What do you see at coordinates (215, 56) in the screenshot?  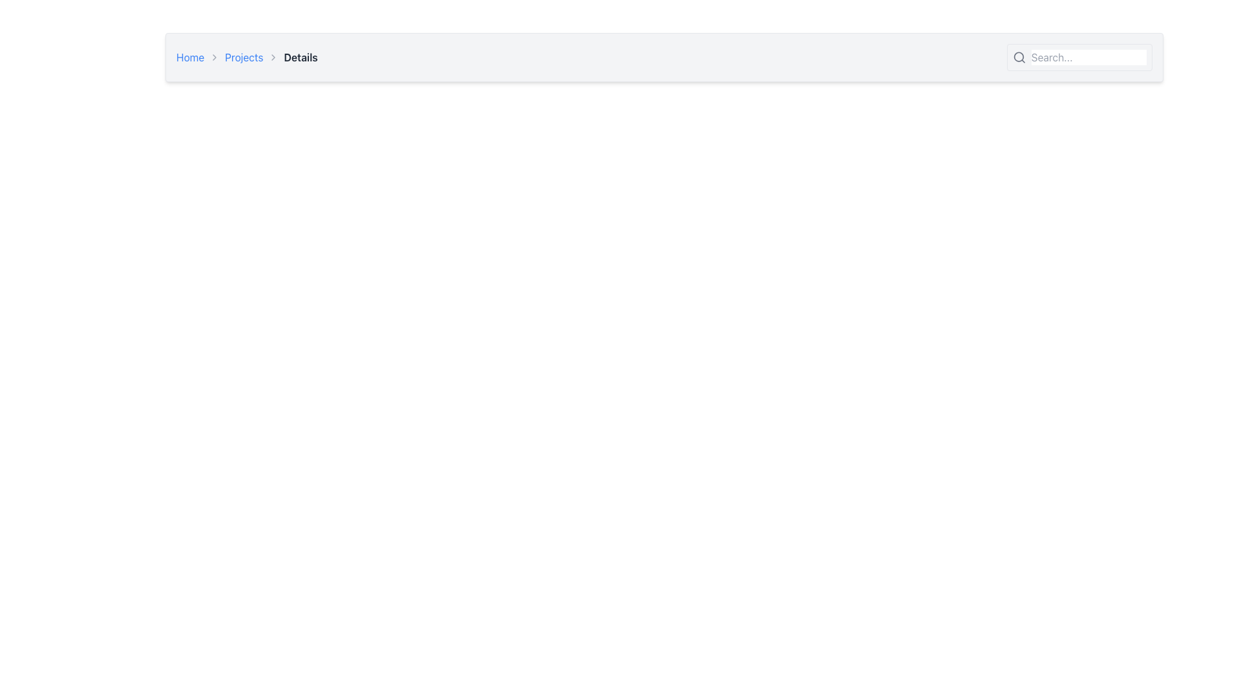 I see `the Chevron icon that visually separates the 'Home' and 'Projects' links in the breadcrumb navigation at the top of the interface` at bounding box center [215, 56].